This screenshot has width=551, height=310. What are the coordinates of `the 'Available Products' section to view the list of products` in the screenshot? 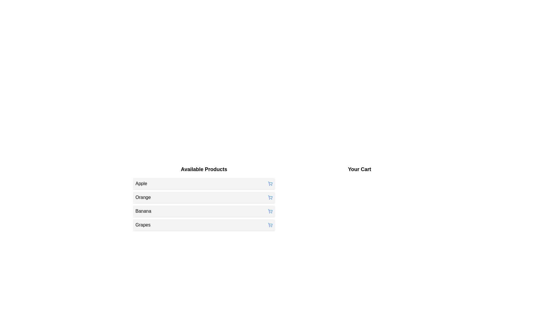 It's located at (204, 169).